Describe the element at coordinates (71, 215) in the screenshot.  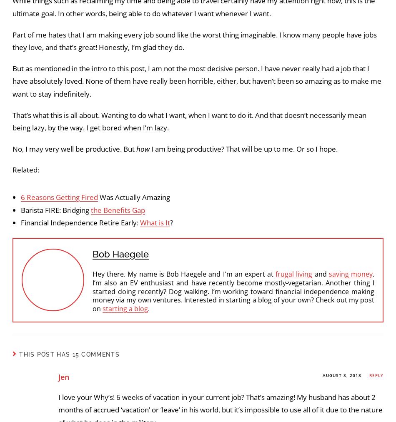
I see `'Reclaiming My Freedom'` at that location.